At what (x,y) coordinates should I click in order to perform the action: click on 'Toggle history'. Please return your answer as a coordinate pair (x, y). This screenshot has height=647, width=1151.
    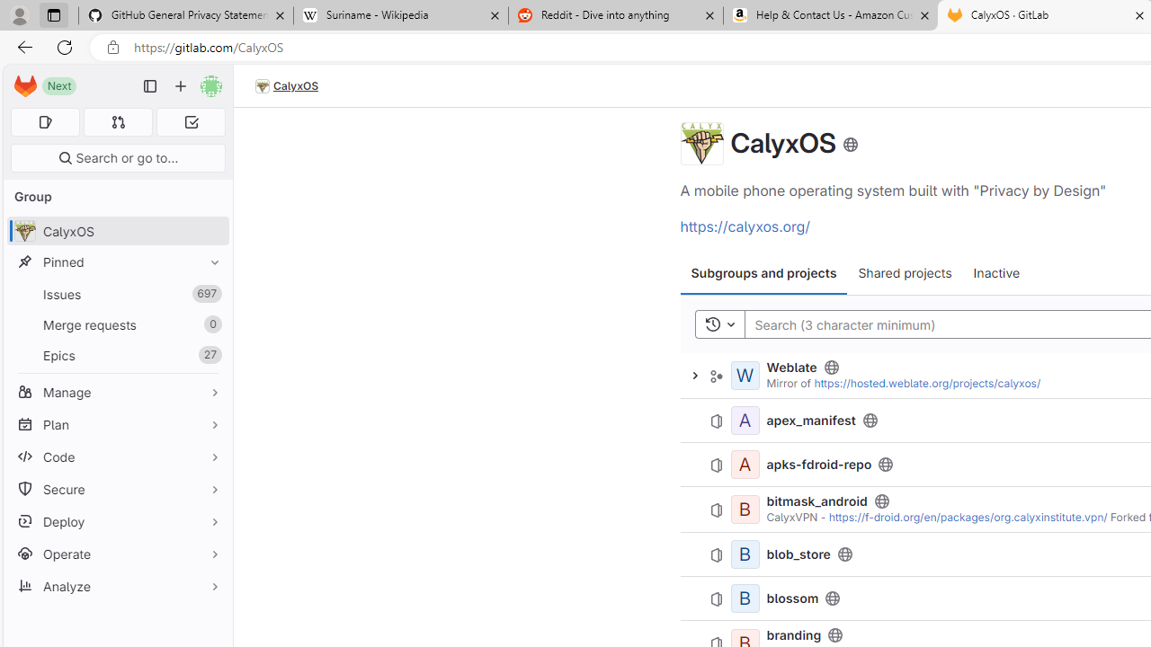
    Looking at the image, I should click on (719, 324).